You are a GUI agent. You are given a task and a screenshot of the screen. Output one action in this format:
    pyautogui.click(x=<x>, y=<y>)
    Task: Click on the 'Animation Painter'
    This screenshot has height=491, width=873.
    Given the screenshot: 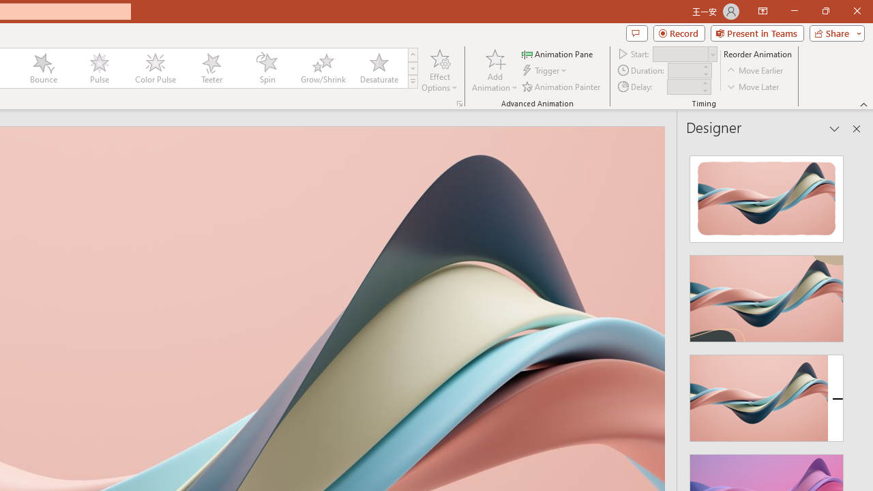 What is the action you would take?
    pyautogui.click(x=562, y=87)
    